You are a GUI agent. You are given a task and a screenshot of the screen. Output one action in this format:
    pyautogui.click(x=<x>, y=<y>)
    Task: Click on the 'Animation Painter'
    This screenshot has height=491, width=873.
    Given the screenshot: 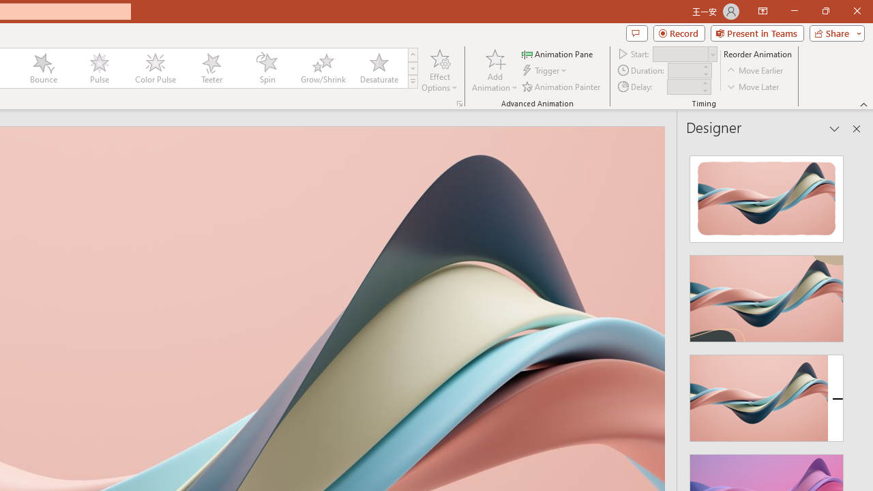 What is the action you would take?
    pyautogui.click(x=562, y=87)
    